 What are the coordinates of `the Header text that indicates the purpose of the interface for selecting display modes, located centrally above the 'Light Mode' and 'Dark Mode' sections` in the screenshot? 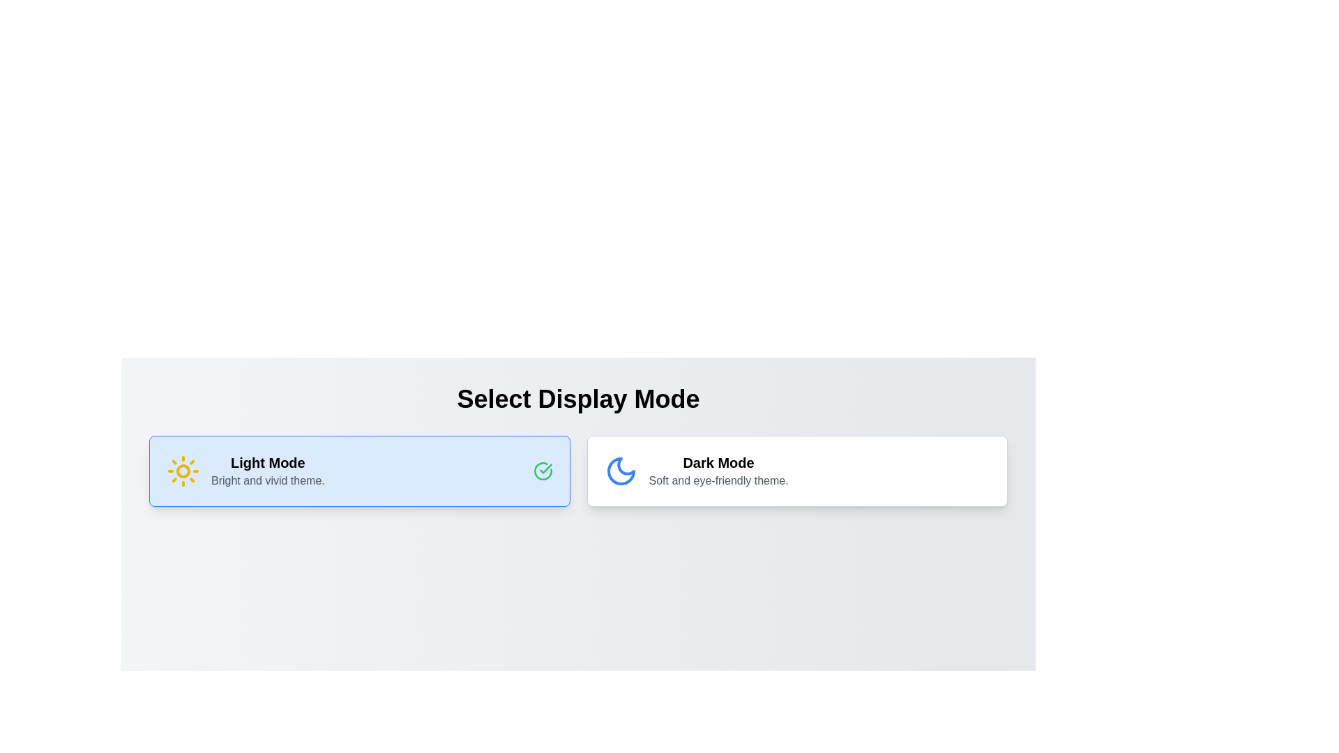 It's located at (578, 400).